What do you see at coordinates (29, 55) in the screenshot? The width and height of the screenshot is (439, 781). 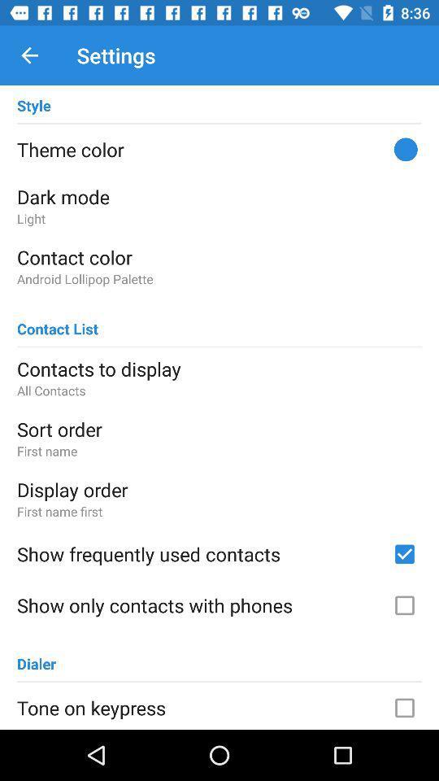 I see `item to the left of the settings` at bounding box center [29, 55].